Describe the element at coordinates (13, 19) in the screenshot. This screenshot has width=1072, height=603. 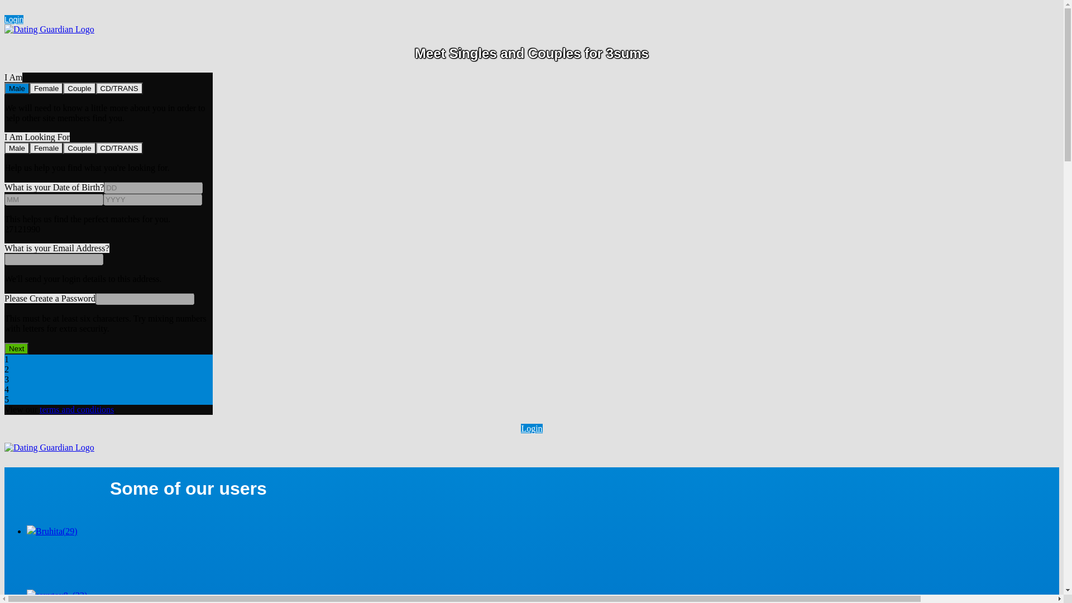
I see `'Login'` at that location.